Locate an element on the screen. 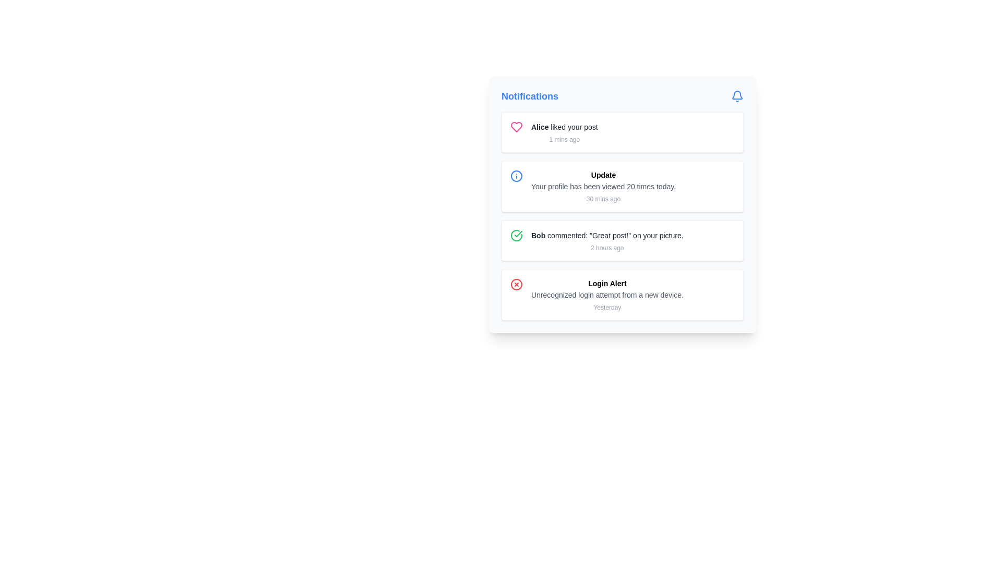 This screenshot has width=1002, height=563. the Notification card that indicates 'Alice' liked the user's post, positioned at the top of the notification list is located at coordinates (623, 132).